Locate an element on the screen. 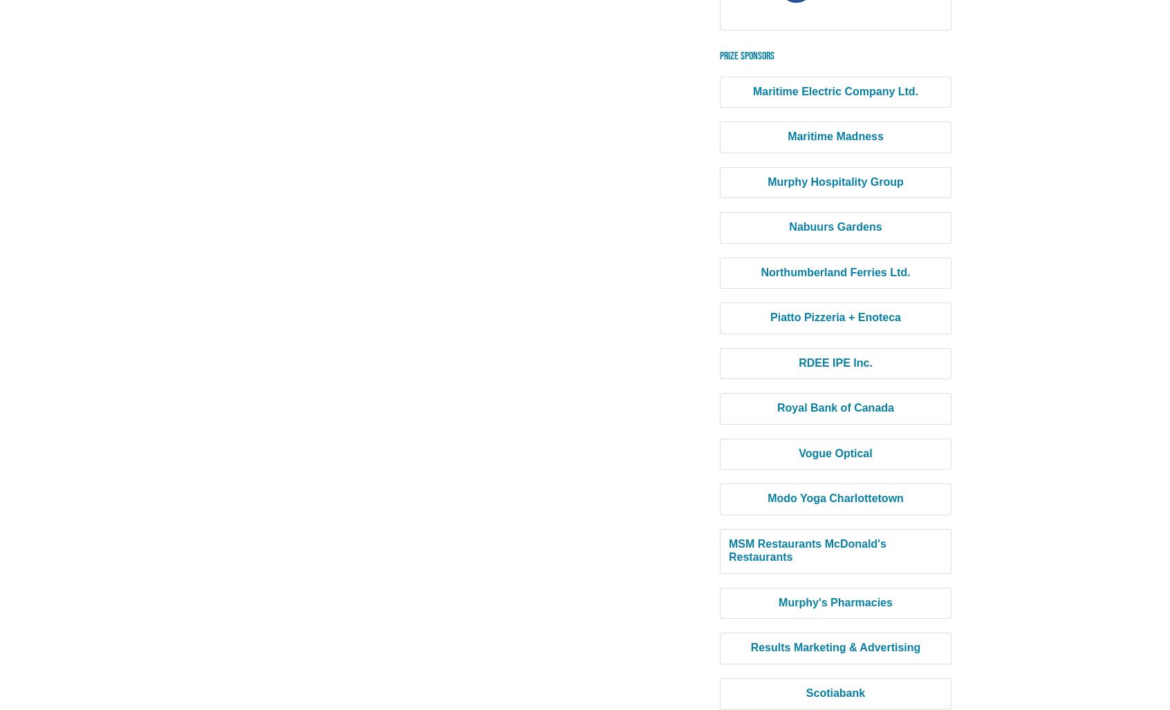 The width and height of the screenshot is (1170, 710). 'Results Marketing & Advertising' is located at coordinates (835, 647).